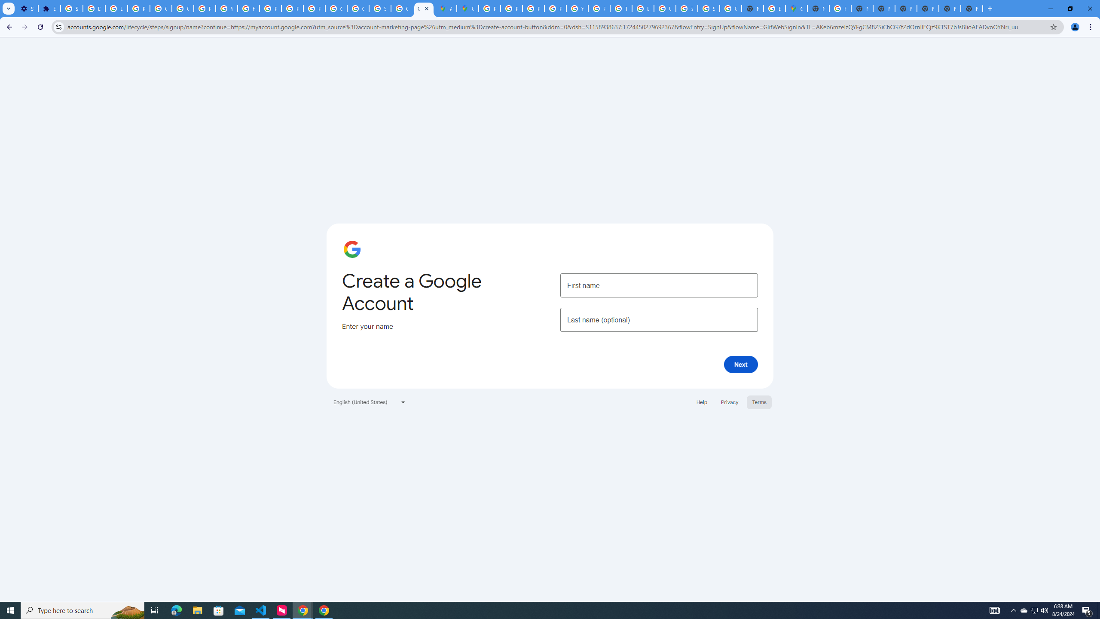 The image size is (1100, 619). Describe the element at coordinates (424, 8) in the screenshot. I see `'Create your Google Account'` at that location.